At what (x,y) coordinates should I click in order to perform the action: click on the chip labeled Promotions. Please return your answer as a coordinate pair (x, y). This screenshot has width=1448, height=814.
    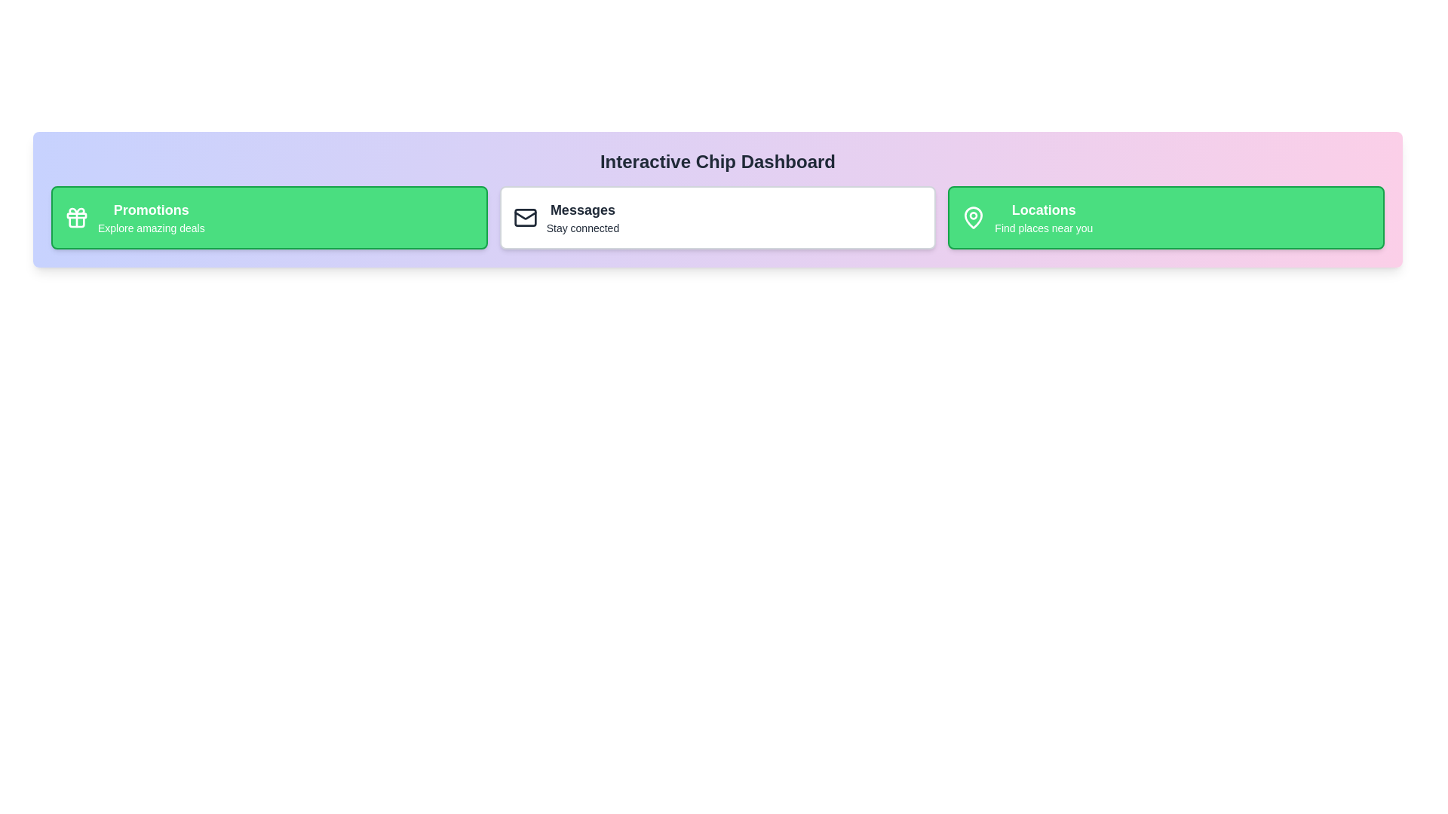
    Looking at the image, I should click on (268, 218).